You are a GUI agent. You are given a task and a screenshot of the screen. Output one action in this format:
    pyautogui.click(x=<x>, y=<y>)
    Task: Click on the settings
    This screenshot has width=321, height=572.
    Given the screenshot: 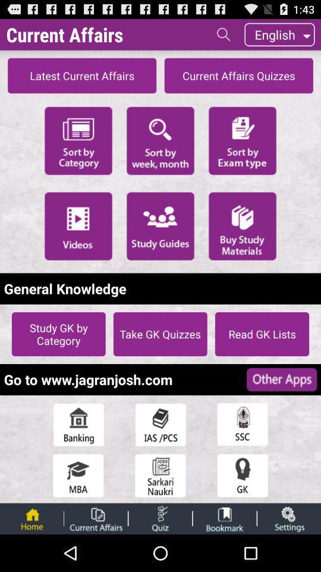 What is the action you would take?
    pyautogui.click(x=288, y=518)
    